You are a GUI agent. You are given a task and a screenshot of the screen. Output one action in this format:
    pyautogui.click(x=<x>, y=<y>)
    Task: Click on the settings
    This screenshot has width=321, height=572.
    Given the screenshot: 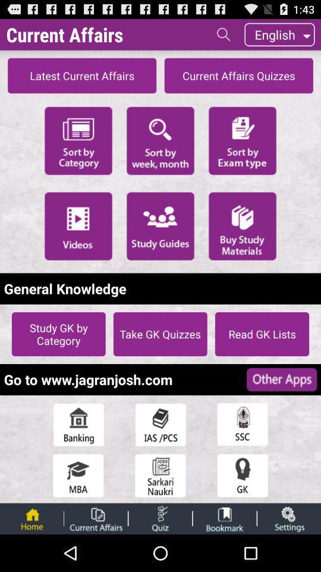 What is the action you would take?
    pyautogui.click(x=288, y=518)
    